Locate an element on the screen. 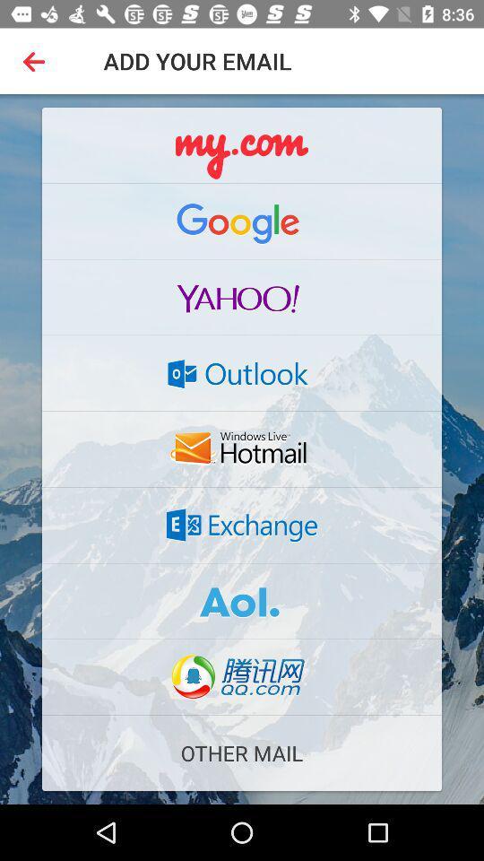  email is located at coordinates (242, 144).